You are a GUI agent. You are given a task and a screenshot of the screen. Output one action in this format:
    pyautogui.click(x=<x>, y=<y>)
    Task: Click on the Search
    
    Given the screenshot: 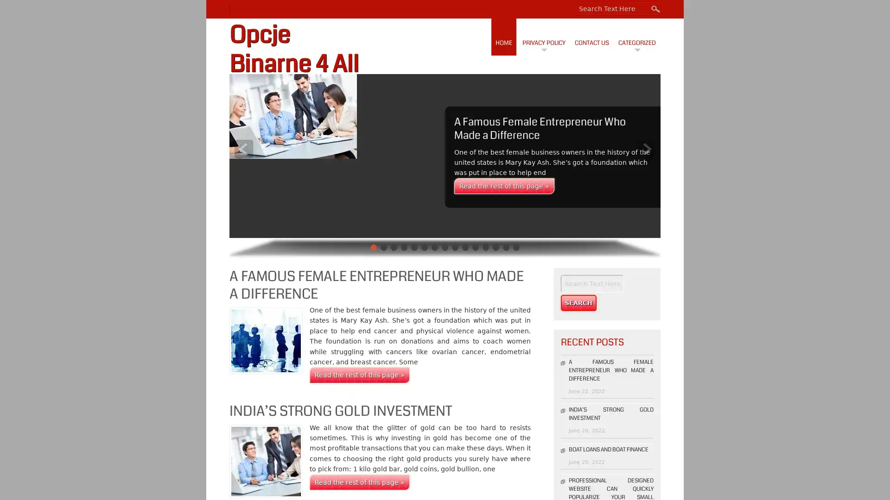 What is the action you would take?
    pyautogui.click(x=578, y=303)
    